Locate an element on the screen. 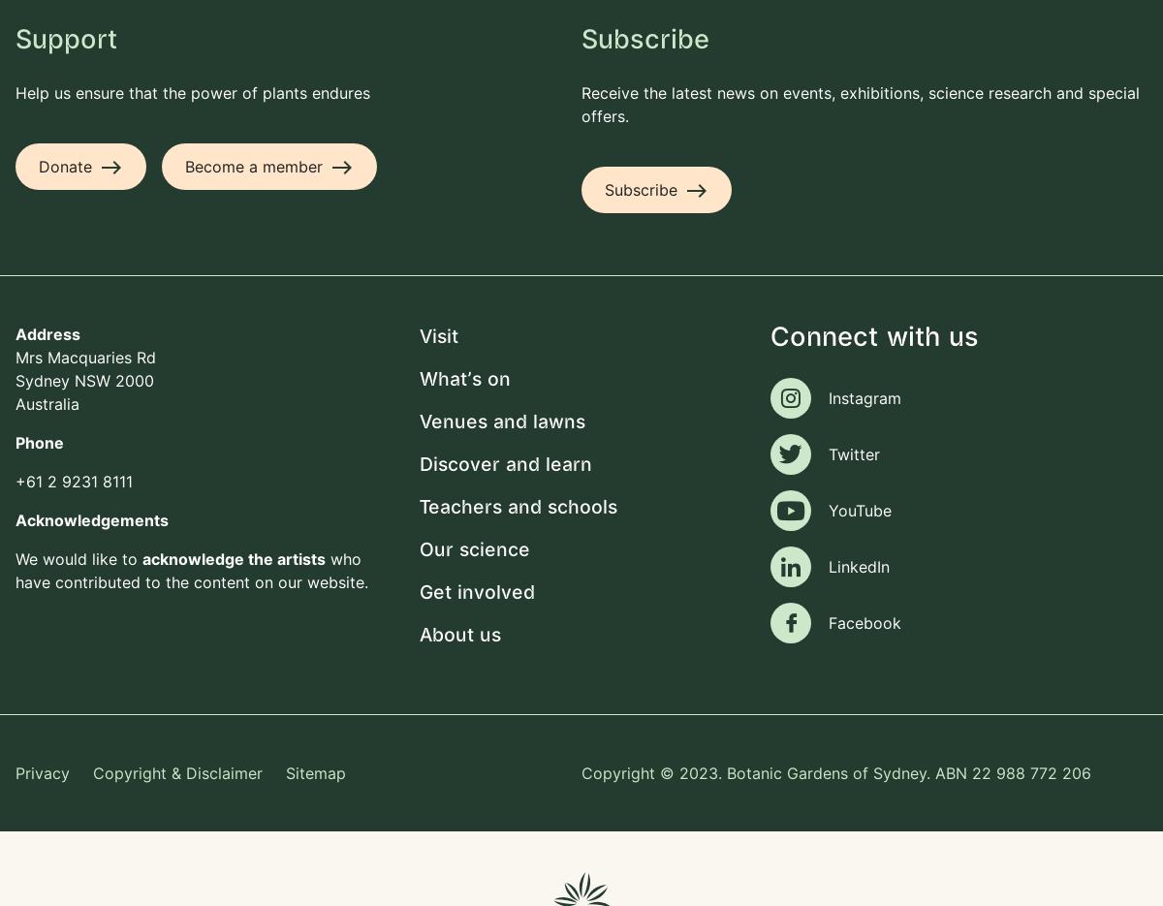  'Support' is located at coordinates (66, 39).